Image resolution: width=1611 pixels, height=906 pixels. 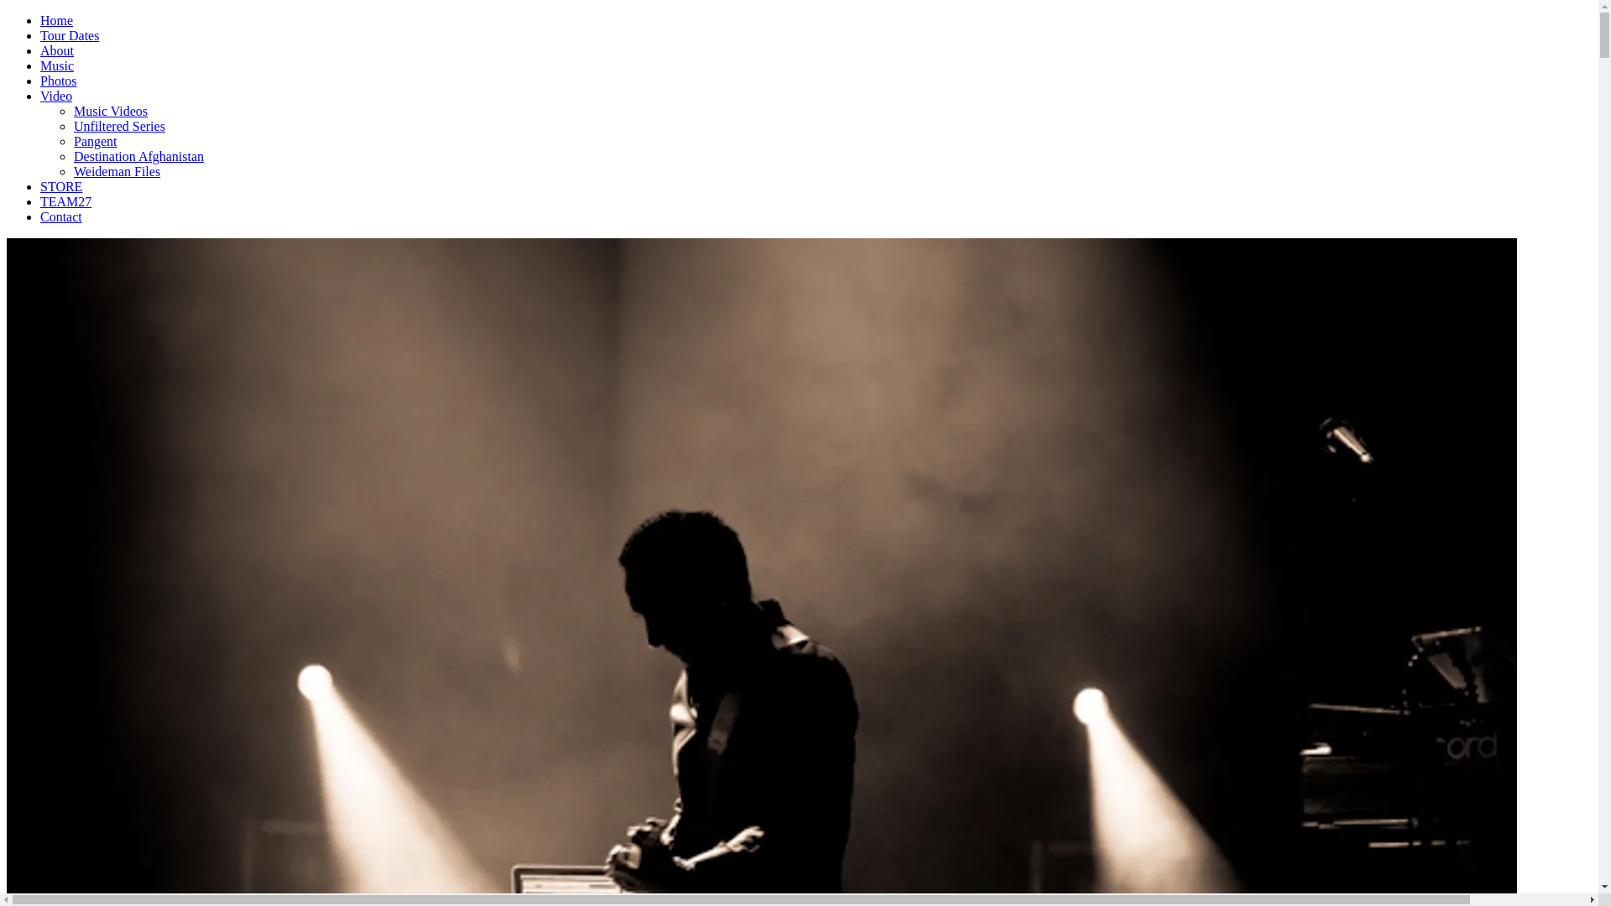 I want to click on 'Weideman Files', so click(x=72, y=171).